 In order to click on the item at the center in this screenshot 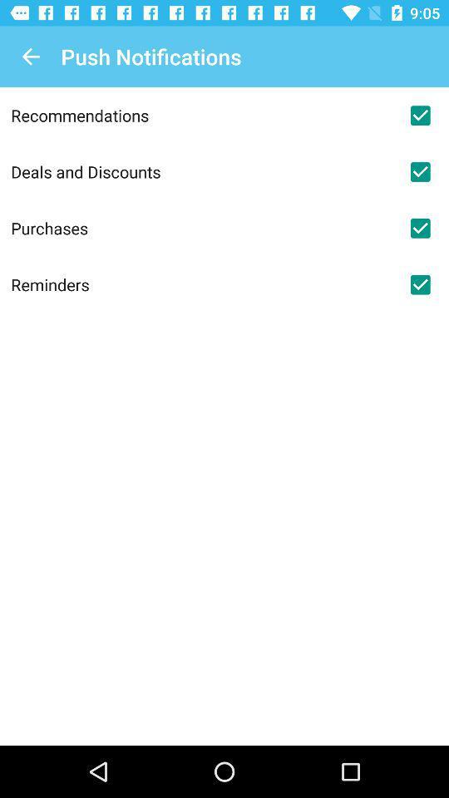, I will do `click(201, 284)`.